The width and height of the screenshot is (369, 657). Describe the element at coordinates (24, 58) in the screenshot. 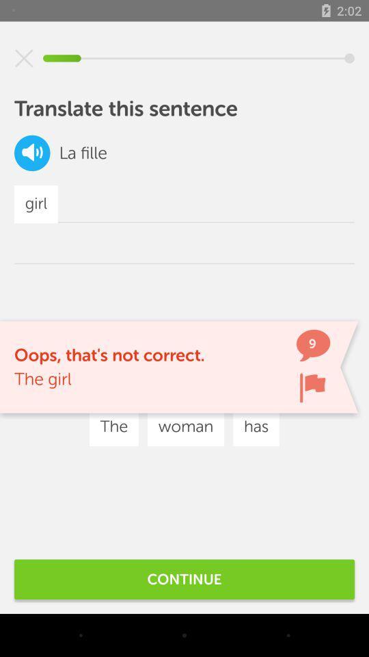

I see `the star icon` at that location.